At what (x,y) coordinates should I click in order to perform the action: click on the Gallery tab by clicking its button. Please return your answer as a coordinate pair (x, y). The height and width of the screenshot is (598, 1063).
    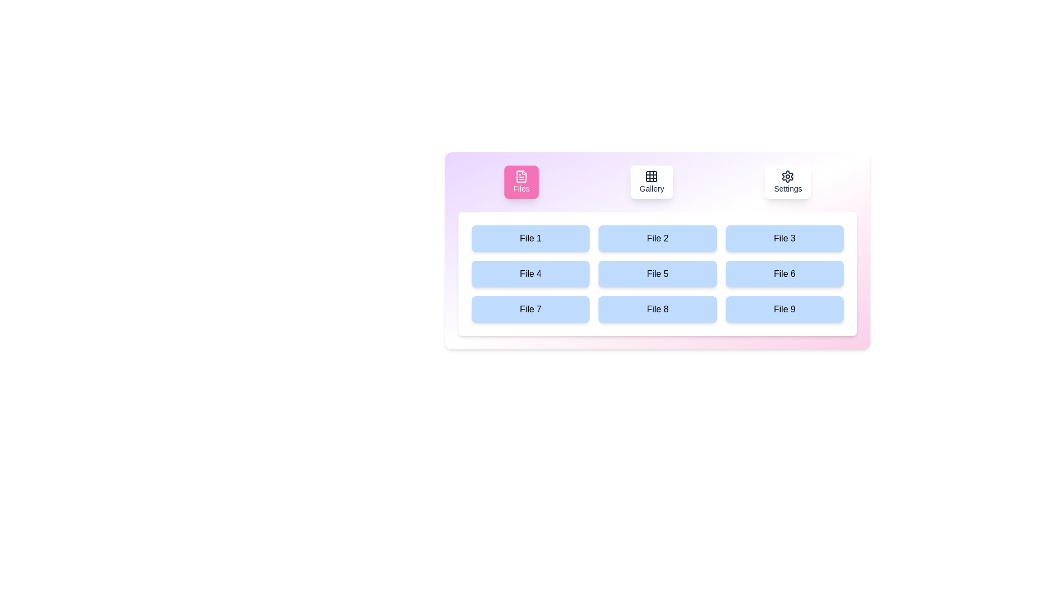
    Looking at the image, I should click on (651, 181).